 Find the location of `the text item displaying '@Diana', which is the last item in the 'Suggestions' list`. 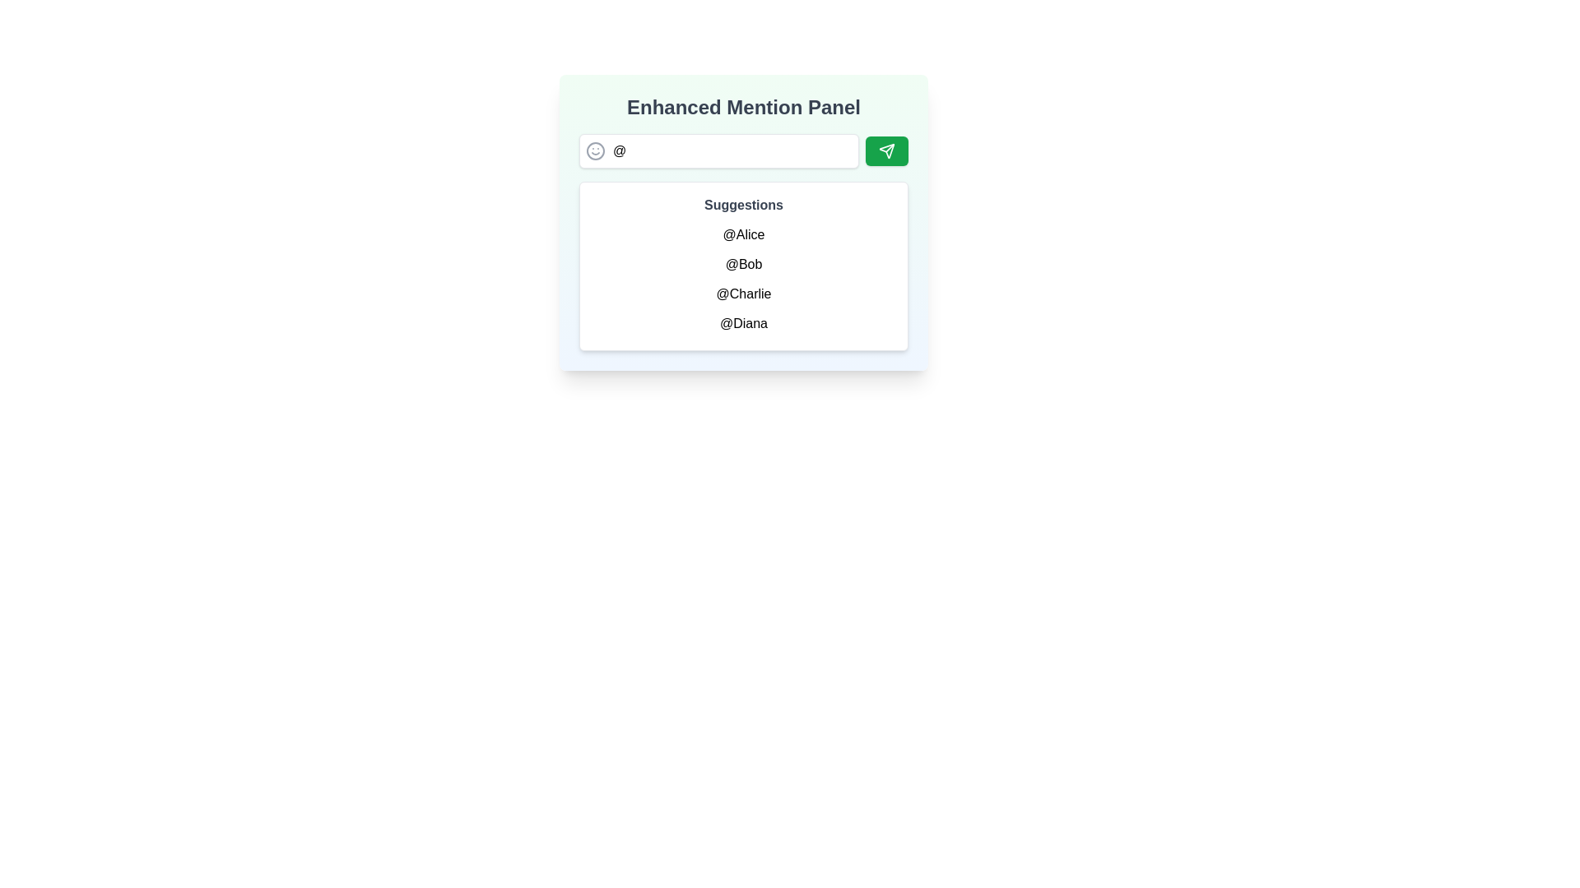

the text item displaying '@Diana', which is the last item in the 'Suggestions' list is located at coordinates (742, 323).